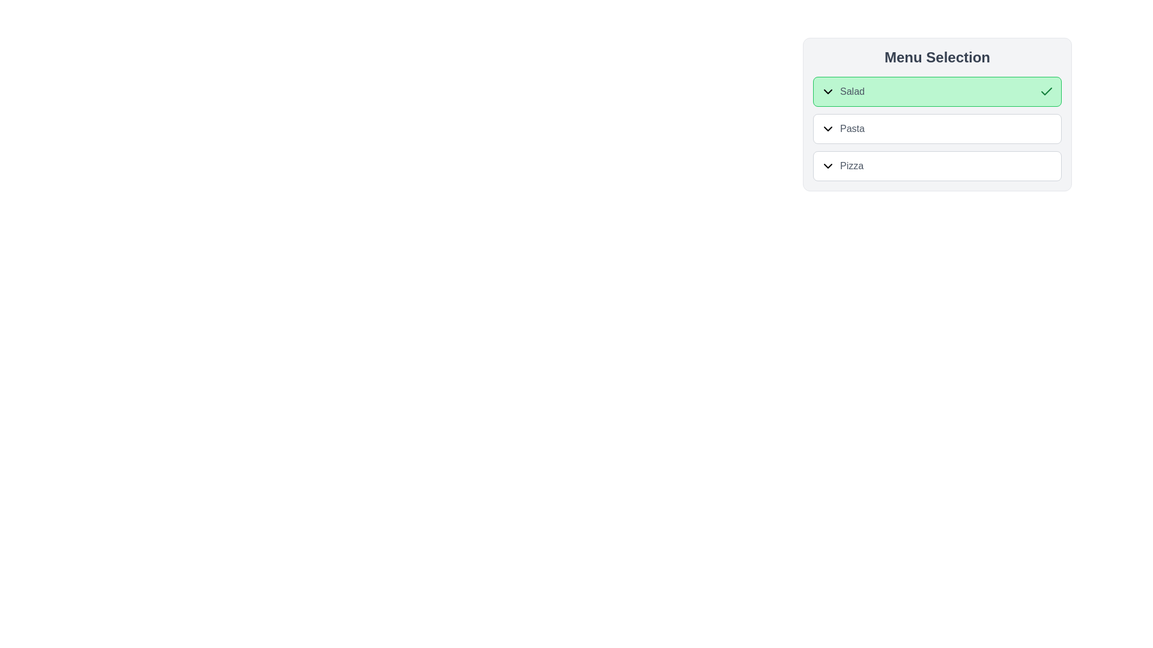 The height and width of the screenshot is (648, 1153). Describe the element at coordinates (842, 91) in the screenshot. I see `the 'Salad' text label to interact with the associated menu in the green highlighted section of the 'Menu Selection' list` at that location.